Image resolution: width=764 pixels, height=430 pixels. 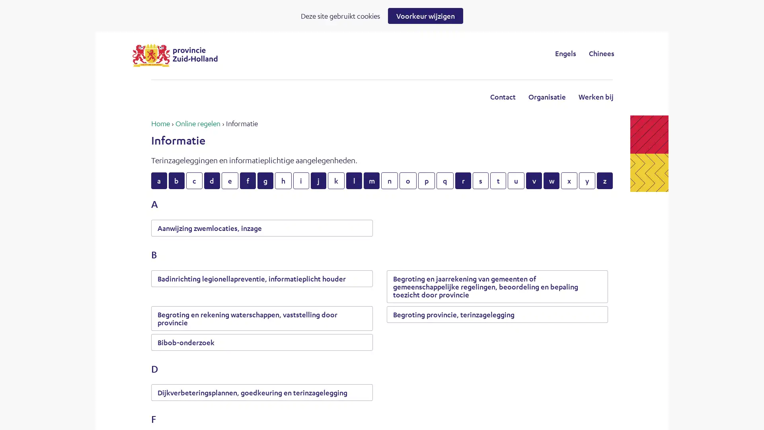 I want to click on Voorkeur wijzigen, so click(x=425, y=16).